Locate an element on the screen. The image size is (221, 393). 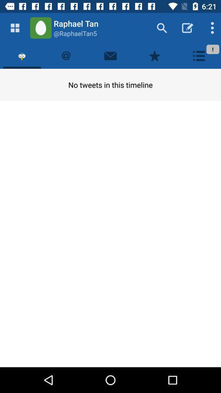
large icons is located at coordinates (15, 28).